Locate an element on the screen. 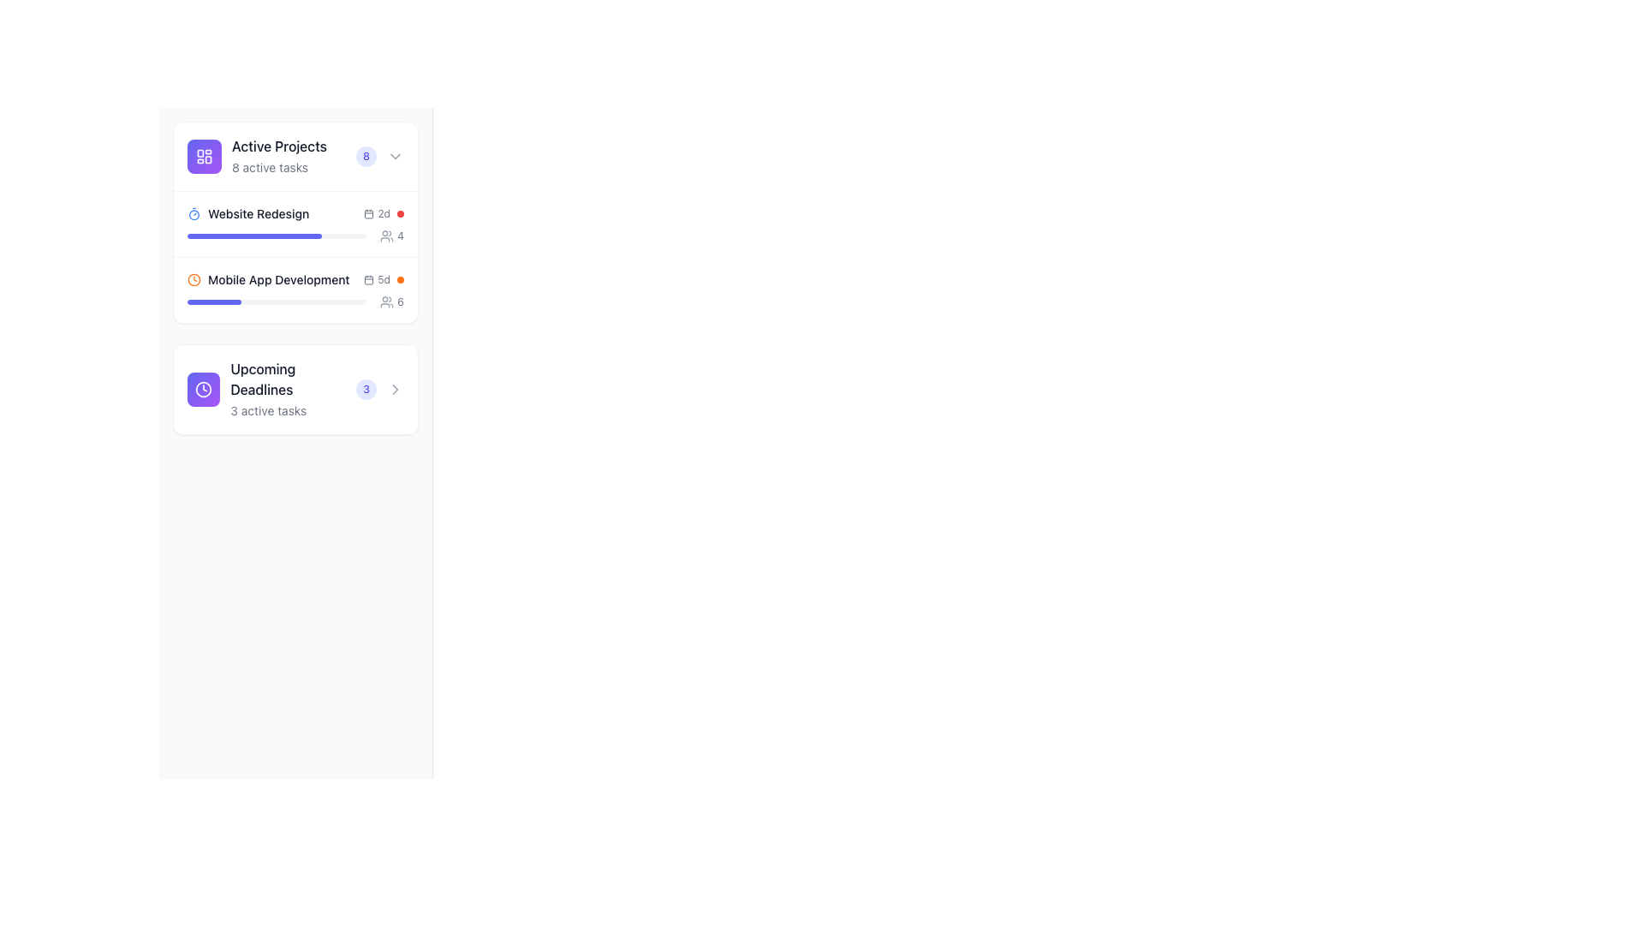 The width and height of the screenshot is (1644, 925). the 'Upcoming Deadlines' text label, which is displayed in bold font within a small white card, located above the '3 active tasks' text is located at coordinates (293, 379).